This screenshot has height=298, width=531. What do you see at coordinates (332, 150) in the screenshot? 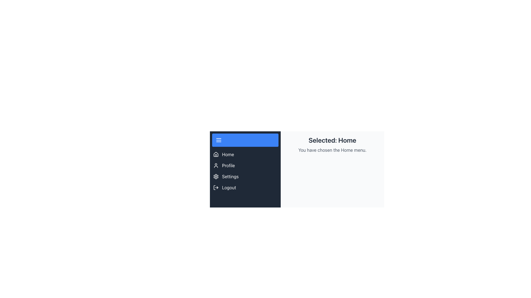
I see `message displayed in the Text Label that indicates the user's current selection within the menu interface, positioned below 'Selected: Home'` at bounding box center [332, 150].